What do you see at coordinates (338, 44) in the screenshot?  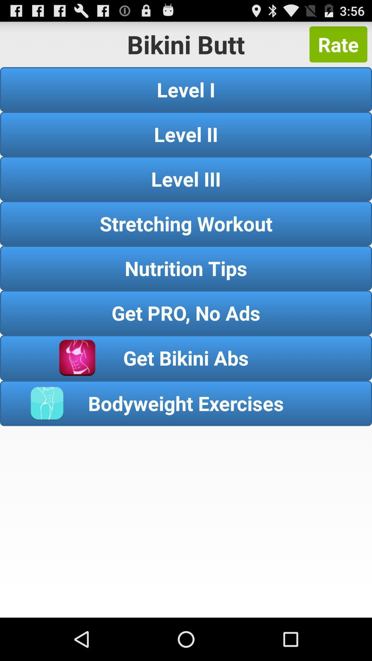 I see `rate item` at bounding box center [338, 44].